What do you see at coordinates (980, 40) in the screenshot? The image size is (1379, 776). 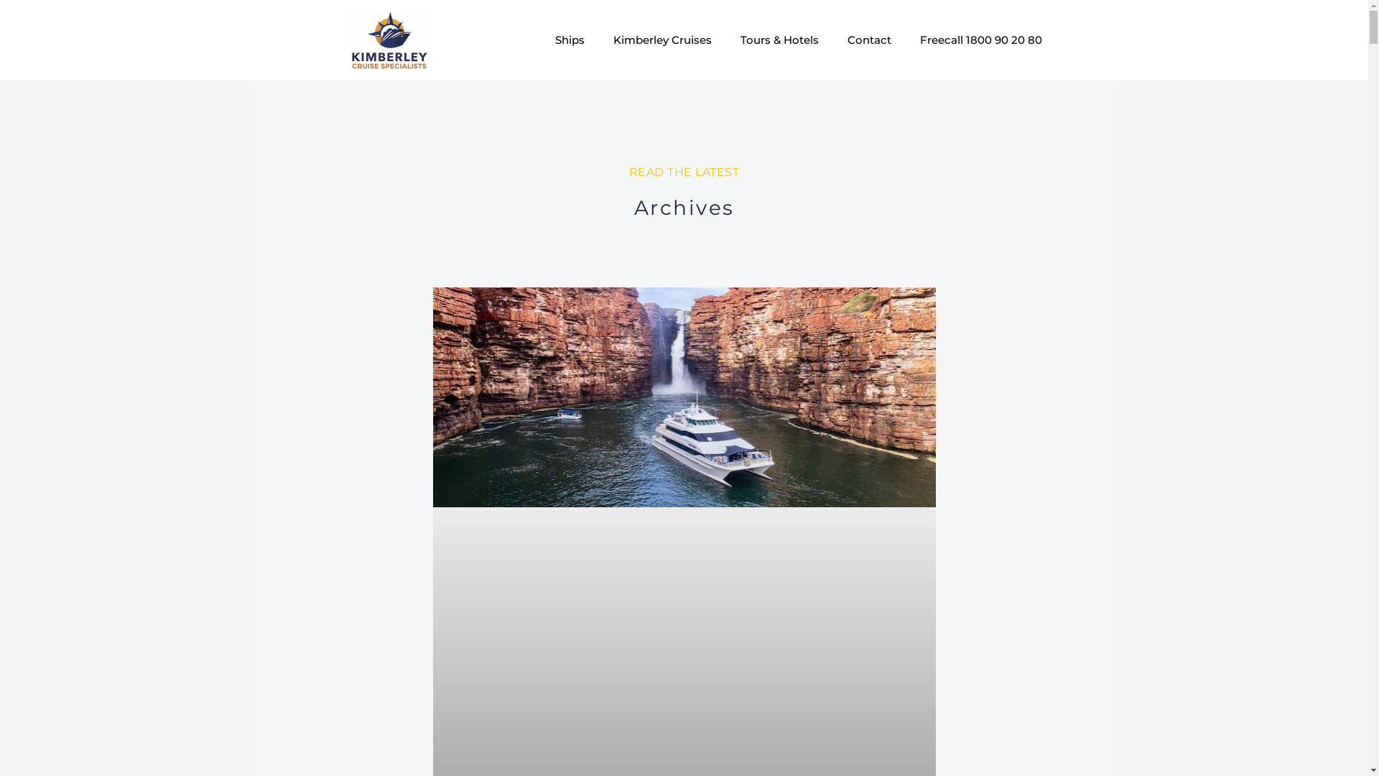 I see `'Freecall 1800 90 20 80'` at bounding box center [980, 40].